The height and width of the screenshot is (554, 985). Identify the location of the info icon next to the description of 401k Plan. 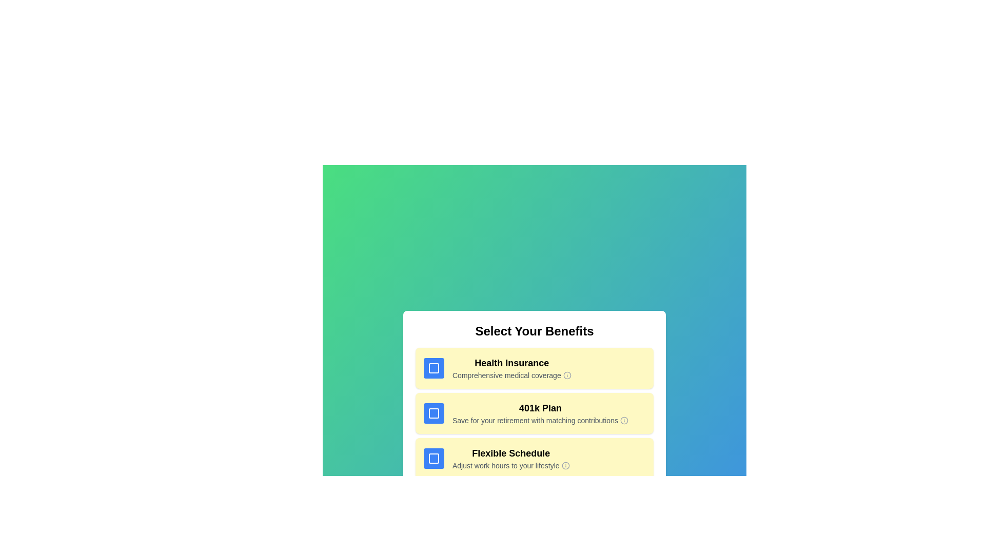
(623, 421).